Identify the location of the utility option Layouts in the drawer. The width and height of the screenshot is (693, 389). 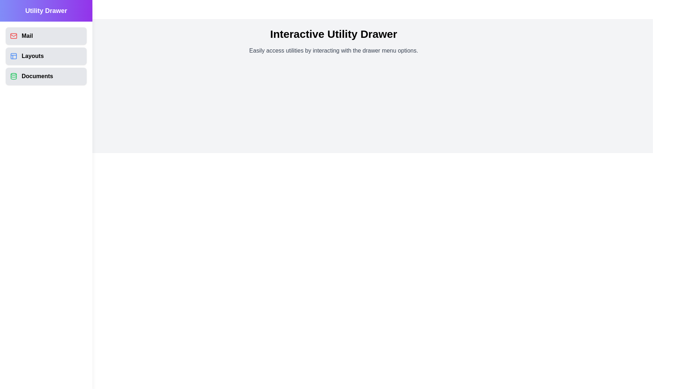
(46, 55).